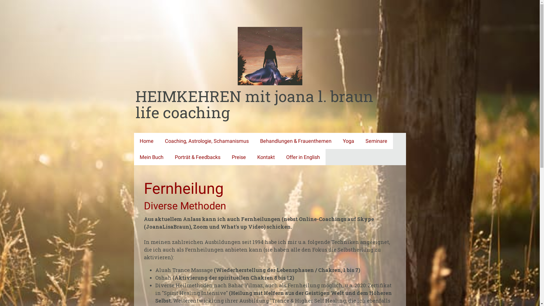 The image size is (544, 306). I want to click on 'Yoga', so click(348, 141).